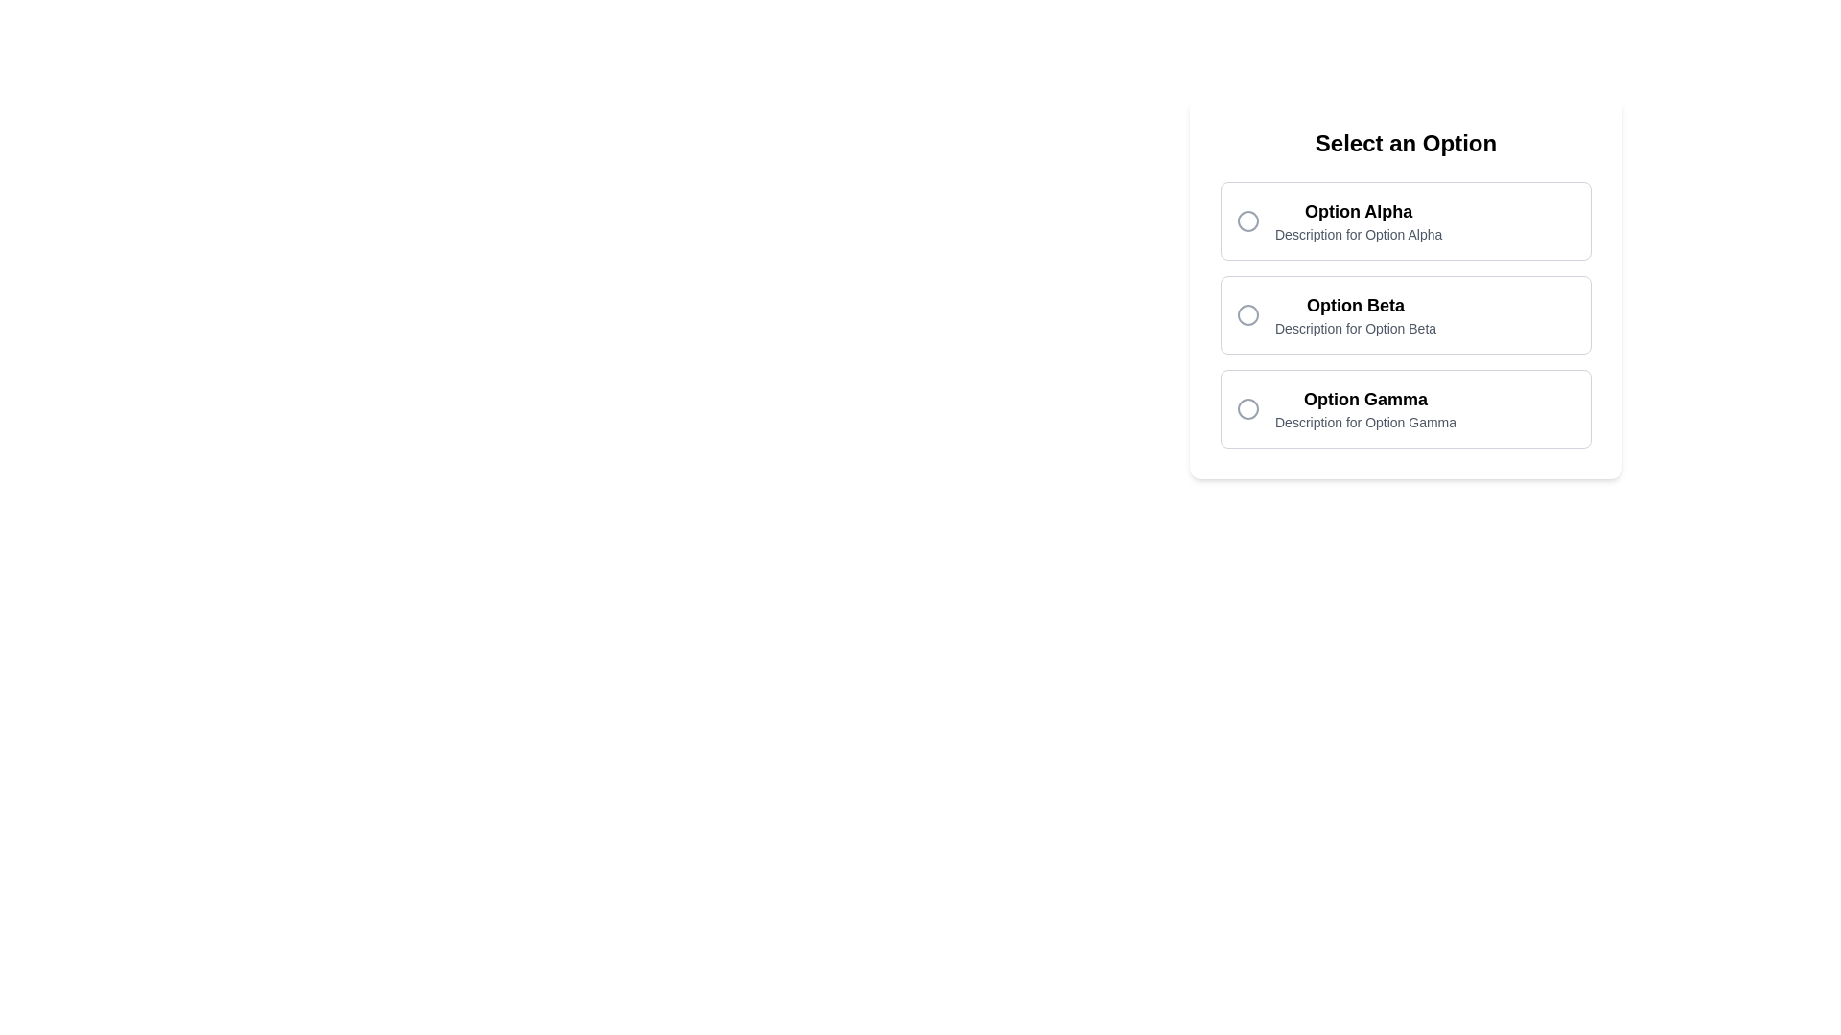 This screenshot has width=1841, height=1035. What do you see at coordinates (1358, 220) in the screenshot?
I see `the first list item option titled 'Option Alpha' located directly underneath the header 'Select an Option'` at bounding box center [1358, 220].